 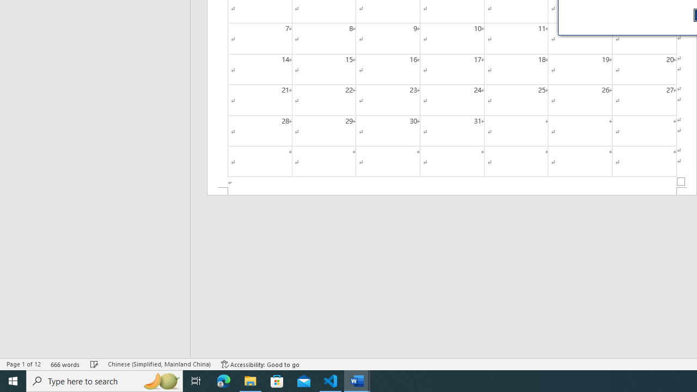 What do you see at coordinates (158, 364) in the screenshot?
I see `'Language Chinese (Simplified, Mainland China)'` at bounding box center [158, 364].